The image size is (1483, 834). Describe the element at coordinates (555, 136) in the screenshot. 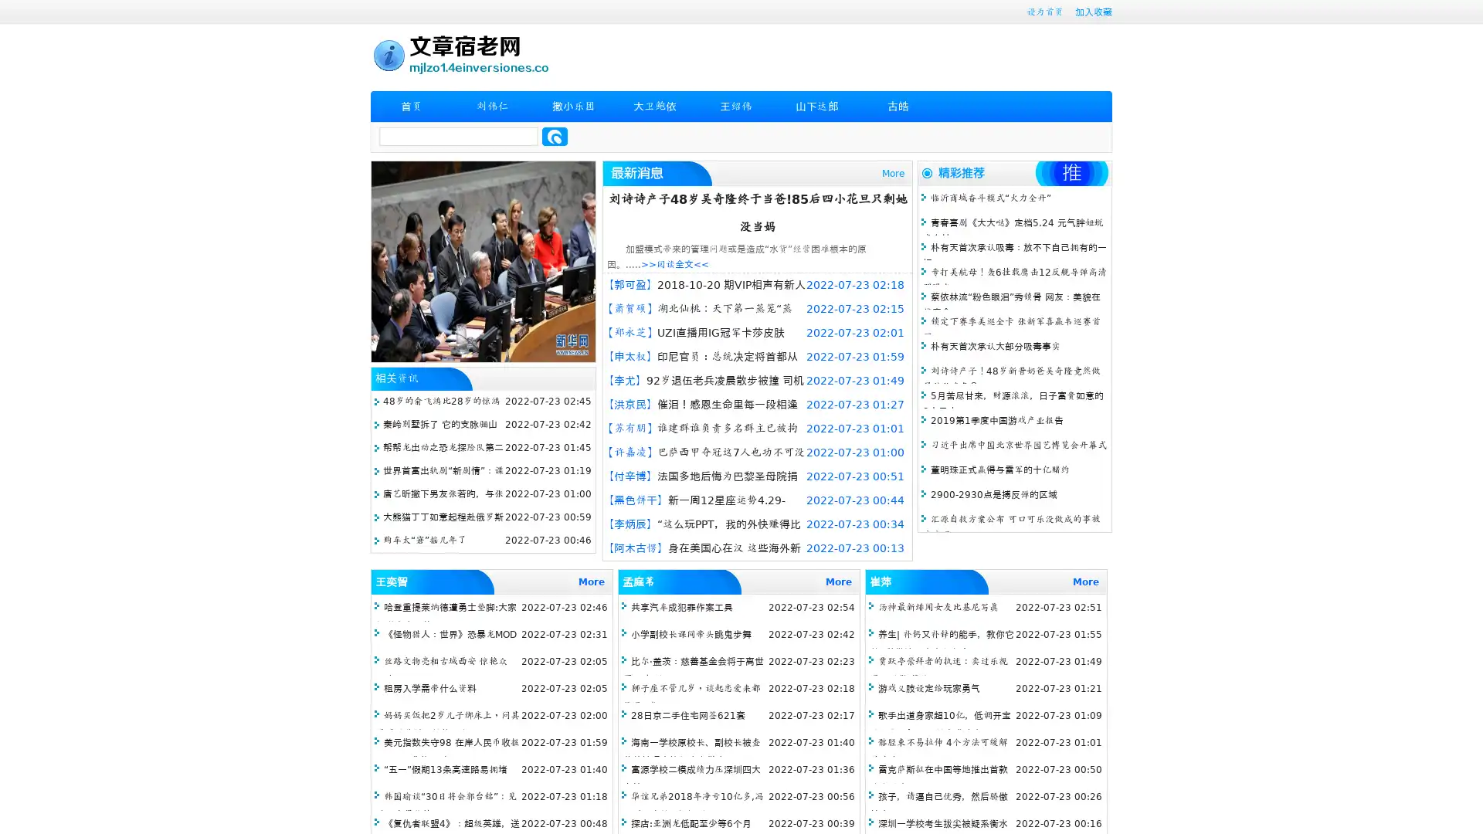

I see `Search` at that location.